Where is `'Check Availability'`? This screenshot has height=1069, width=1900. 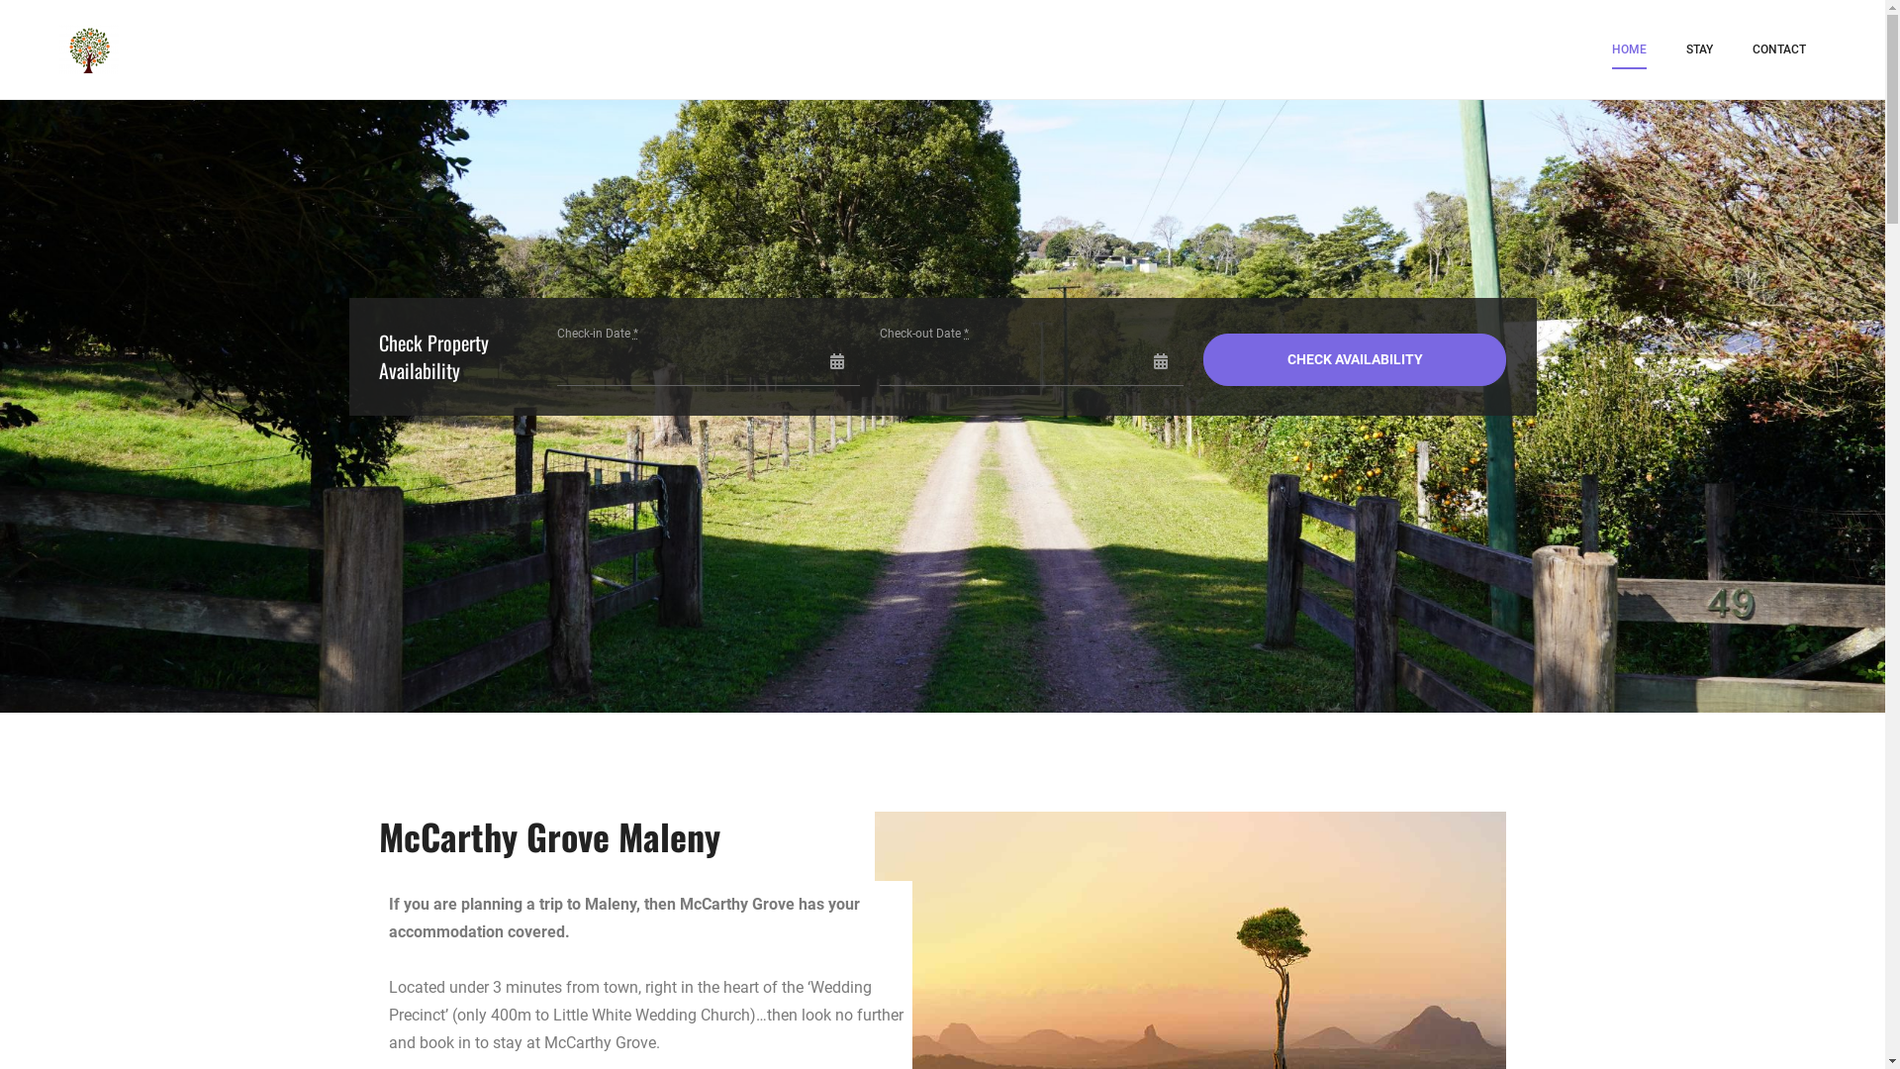
'Check Availability' is located at coordinates (1201, 358).